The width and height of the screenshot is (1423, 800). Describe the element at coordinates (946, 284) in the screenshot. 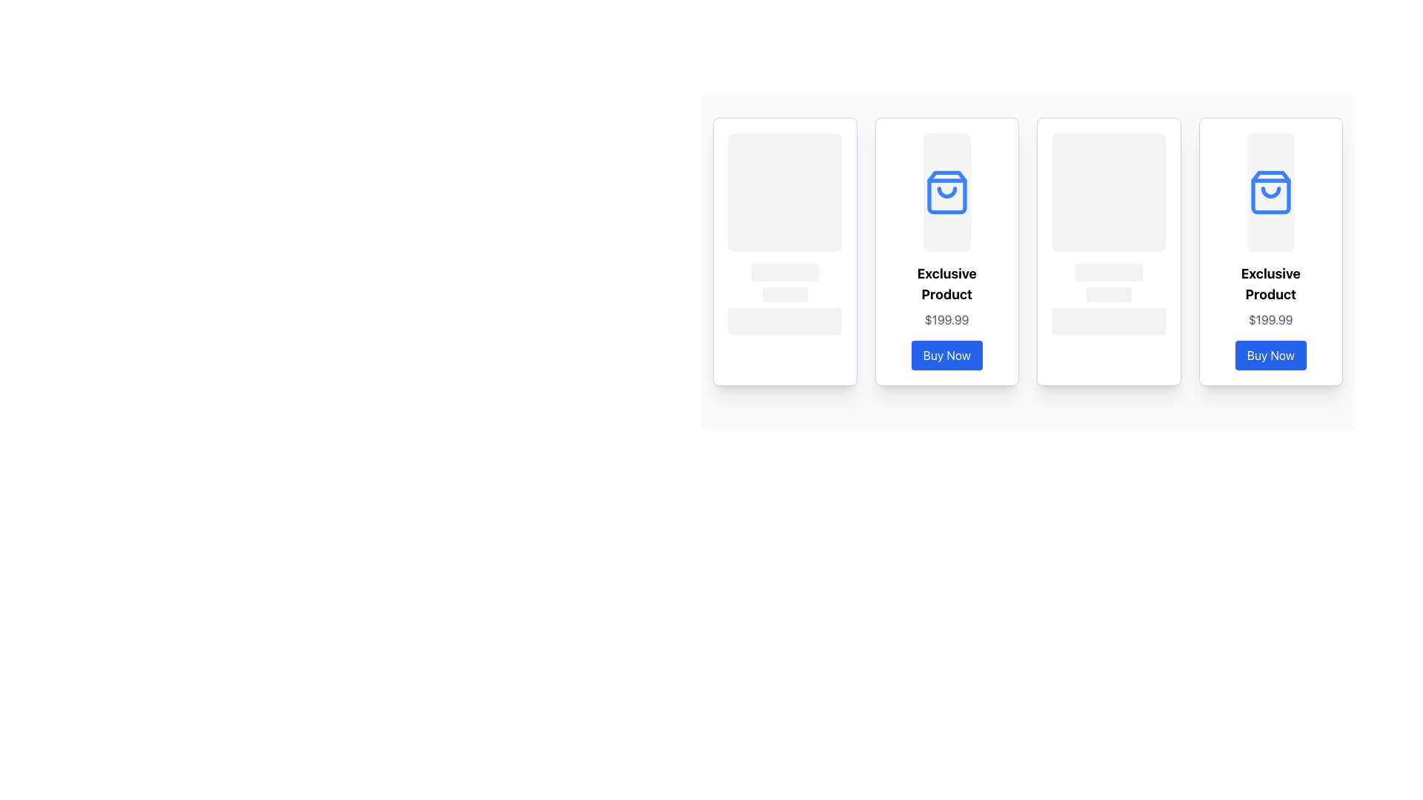

I see `text label that displays 'Exclusive' and 'Product' in bold font, which is centered within its bounding space` at that location.